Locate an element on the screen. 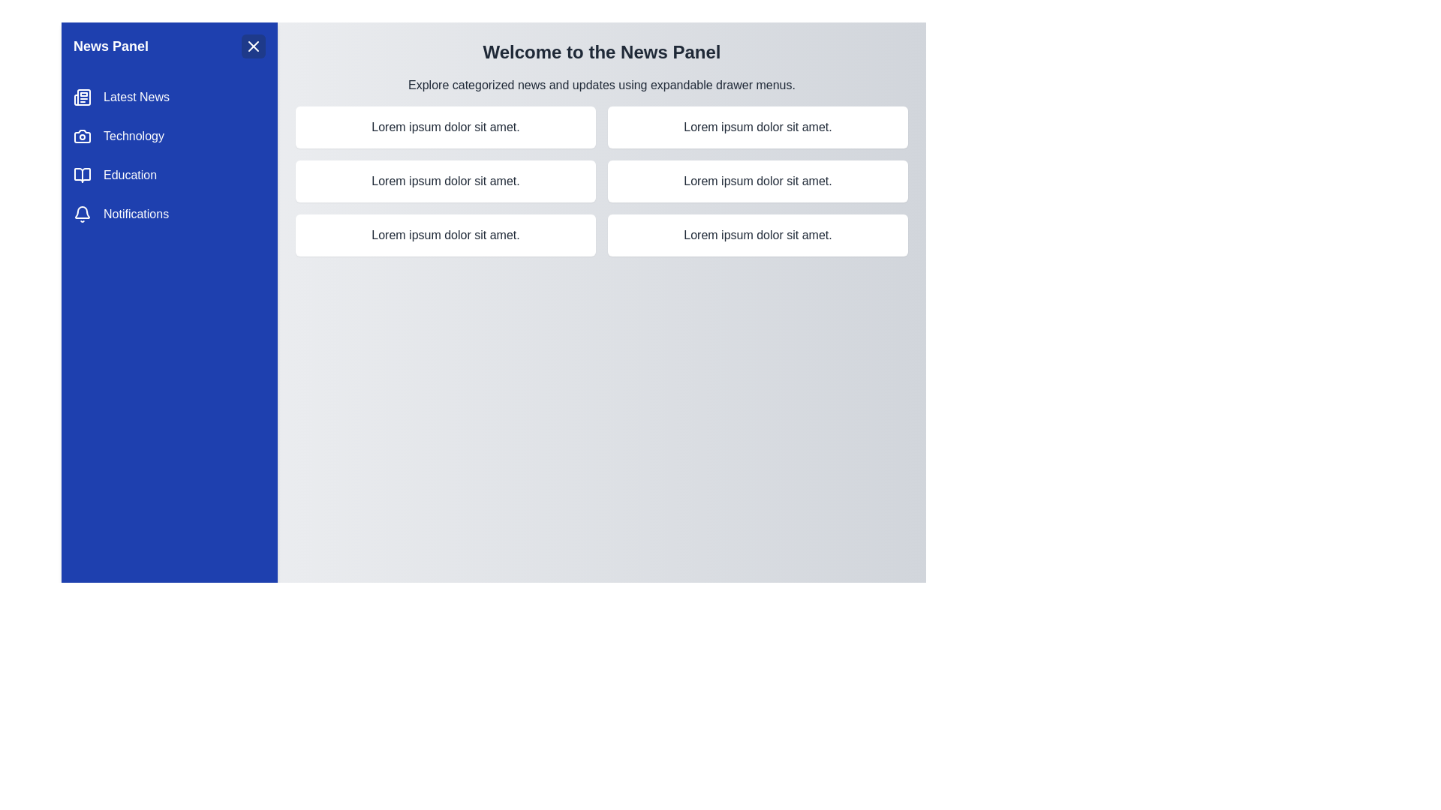  the Notifications category in the drawer menu is located at coordinates (169, 214).